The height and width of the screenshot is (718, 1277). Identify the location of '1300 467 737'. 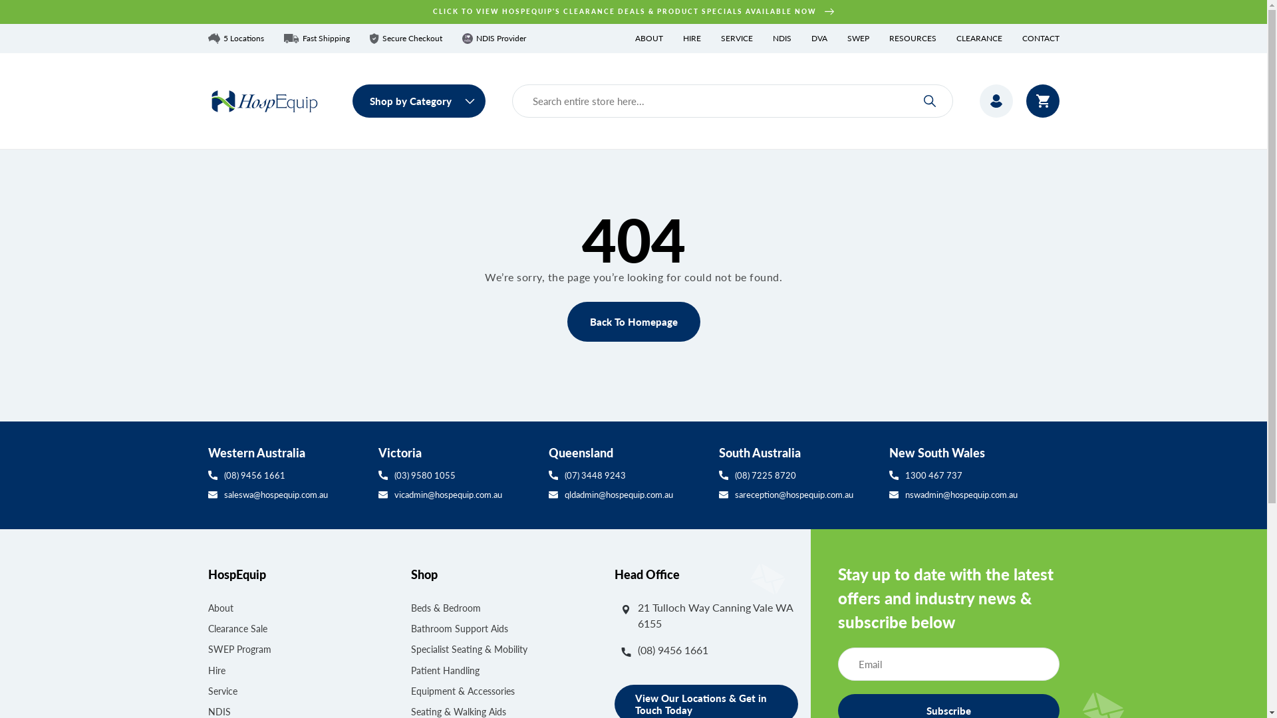
(974, 474).